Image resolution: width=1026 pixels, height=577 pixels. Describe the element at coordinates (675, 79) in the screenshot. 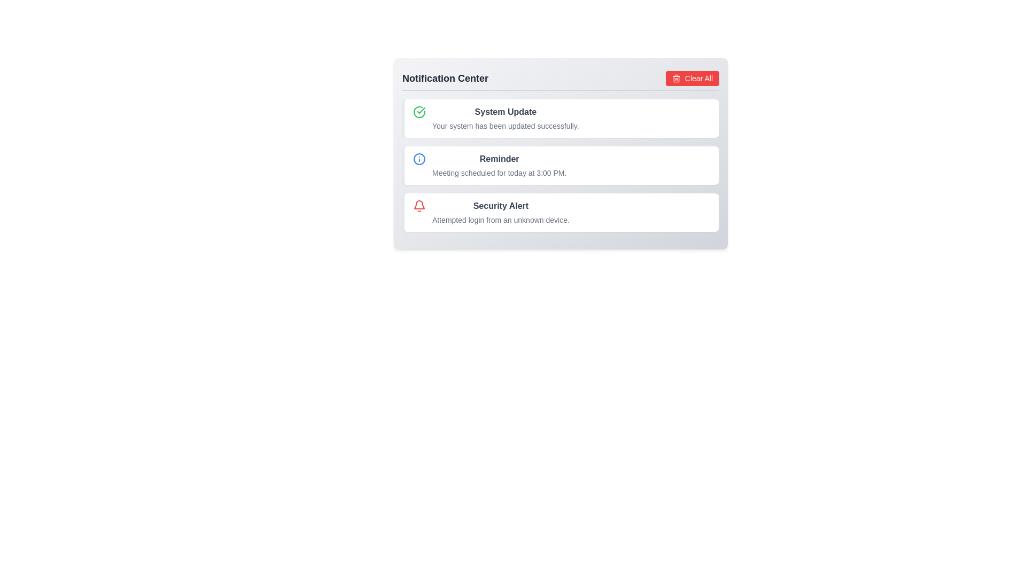

I see `the trash can icon, which is located to the left of the red 'Clear All' button in the top-right corner of the notification window` at that location.